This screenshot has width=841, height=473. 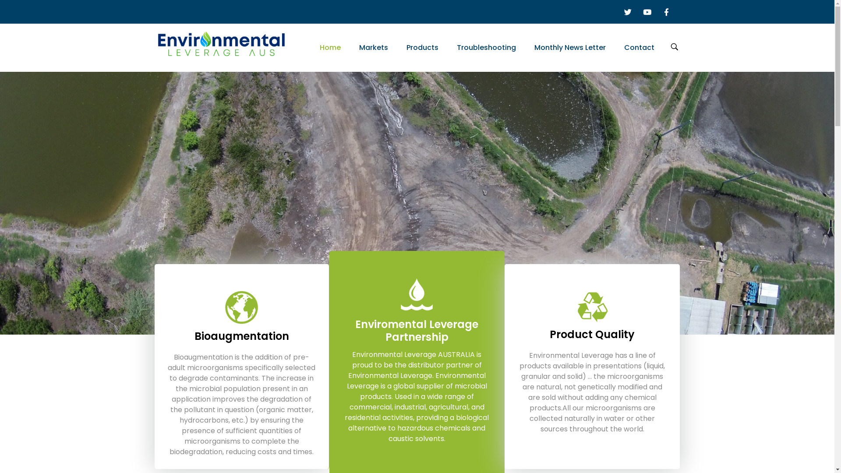 I want to click on 'Products', so click(x=422, y=47).